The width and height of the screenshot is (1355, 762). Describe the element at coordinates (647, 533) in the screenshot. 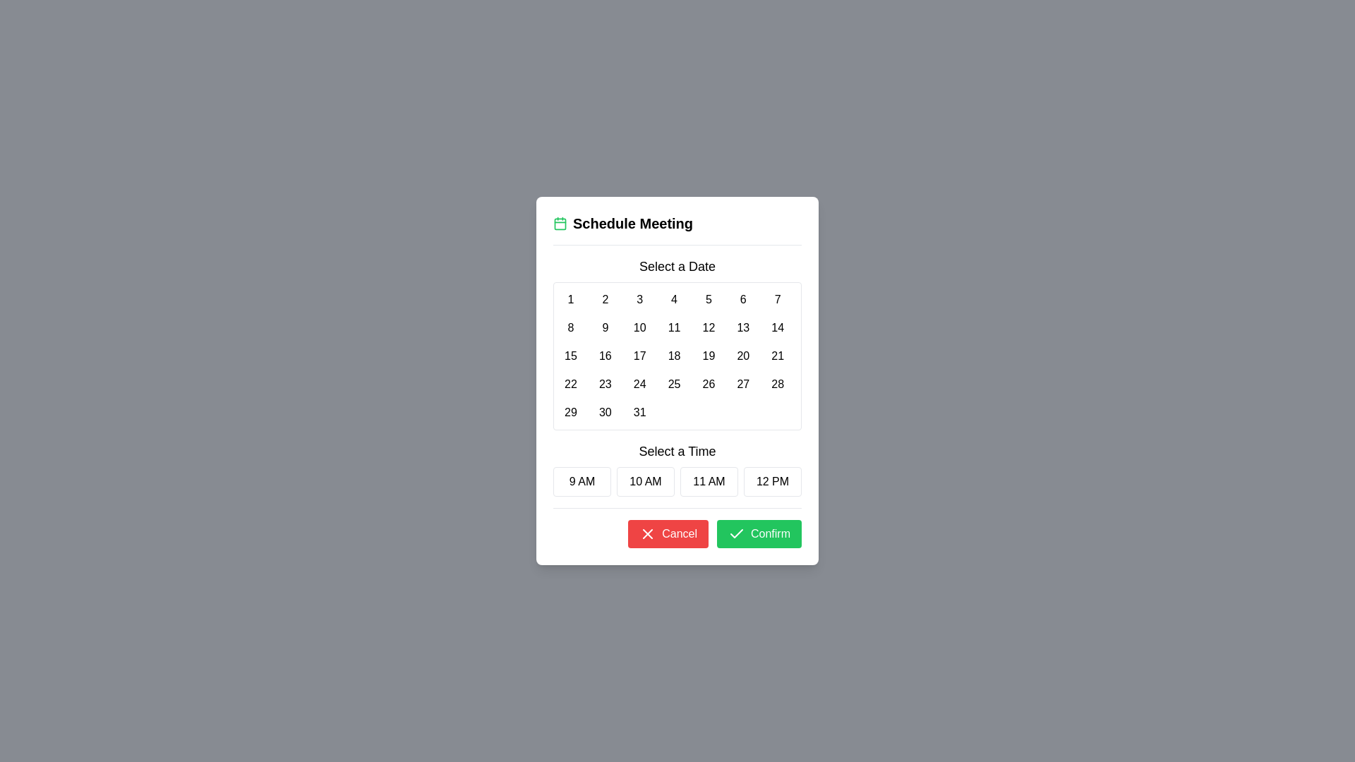

I see `the cancel icon located within the red 'Cancel' button, which is positioned to the left of the 'Cancel' text at the bottom-left corner of the modal` at that location.